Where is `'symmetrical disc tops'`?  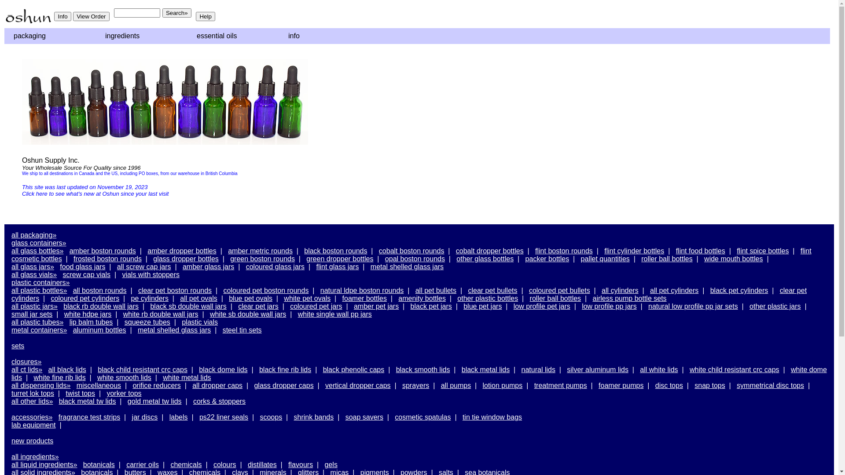 'symmetrical disc tops' is located at coordinates (770, 385).